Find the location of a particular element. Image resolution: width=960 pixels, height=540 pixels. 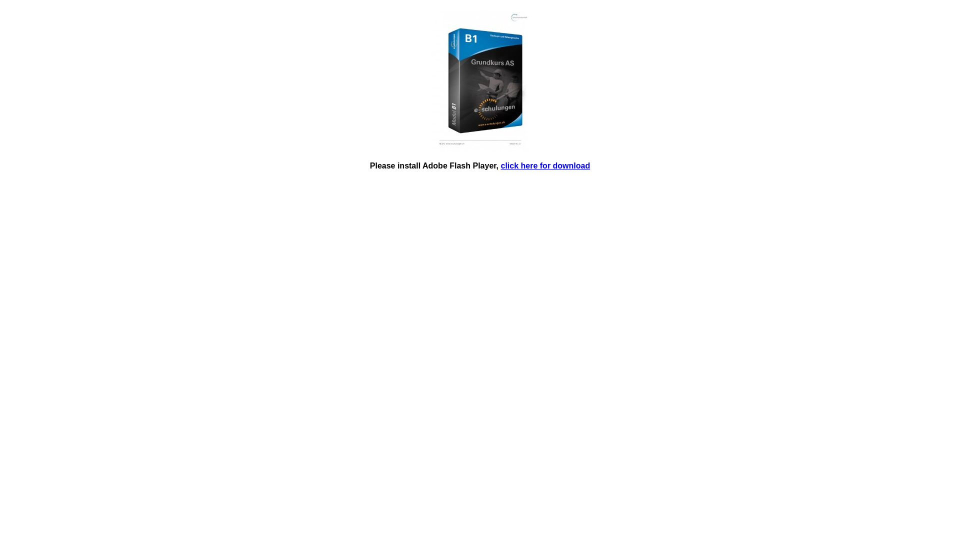

'click here for download' is located at coordinates (501, 165).